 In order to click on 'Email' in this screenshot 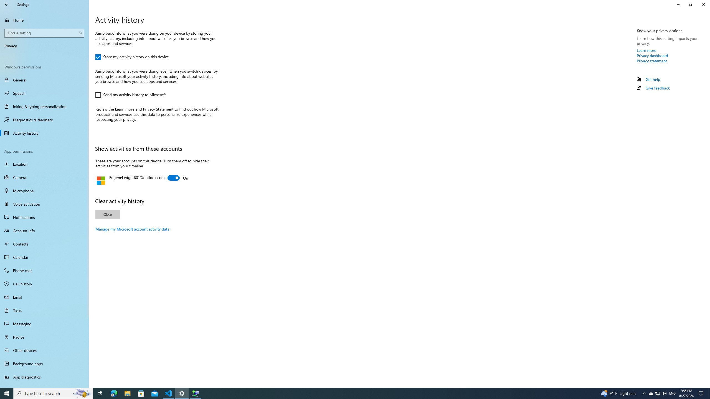, I will do `click(44, 297)`.